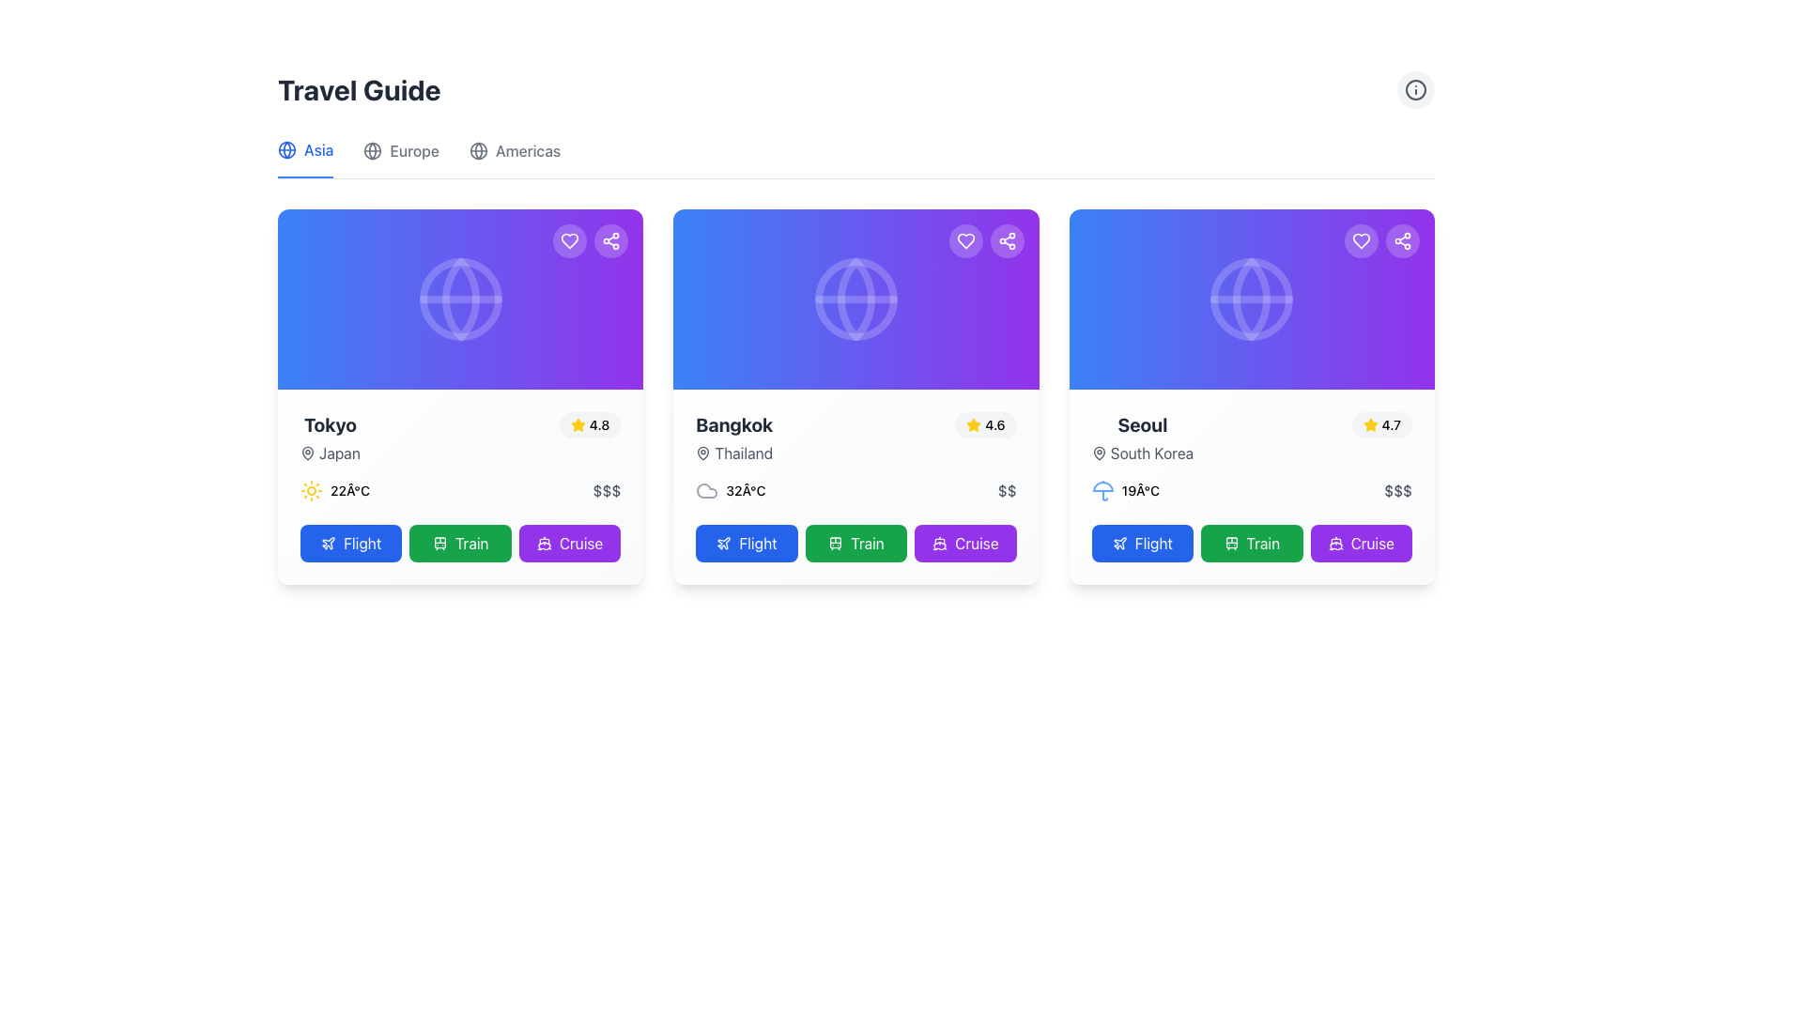 The height and width of the screenshot is (1014, 1803). Describe the element at coordinates (413, 150) in the screenshot. I see `the text label displaying 'Europe'` at that location.